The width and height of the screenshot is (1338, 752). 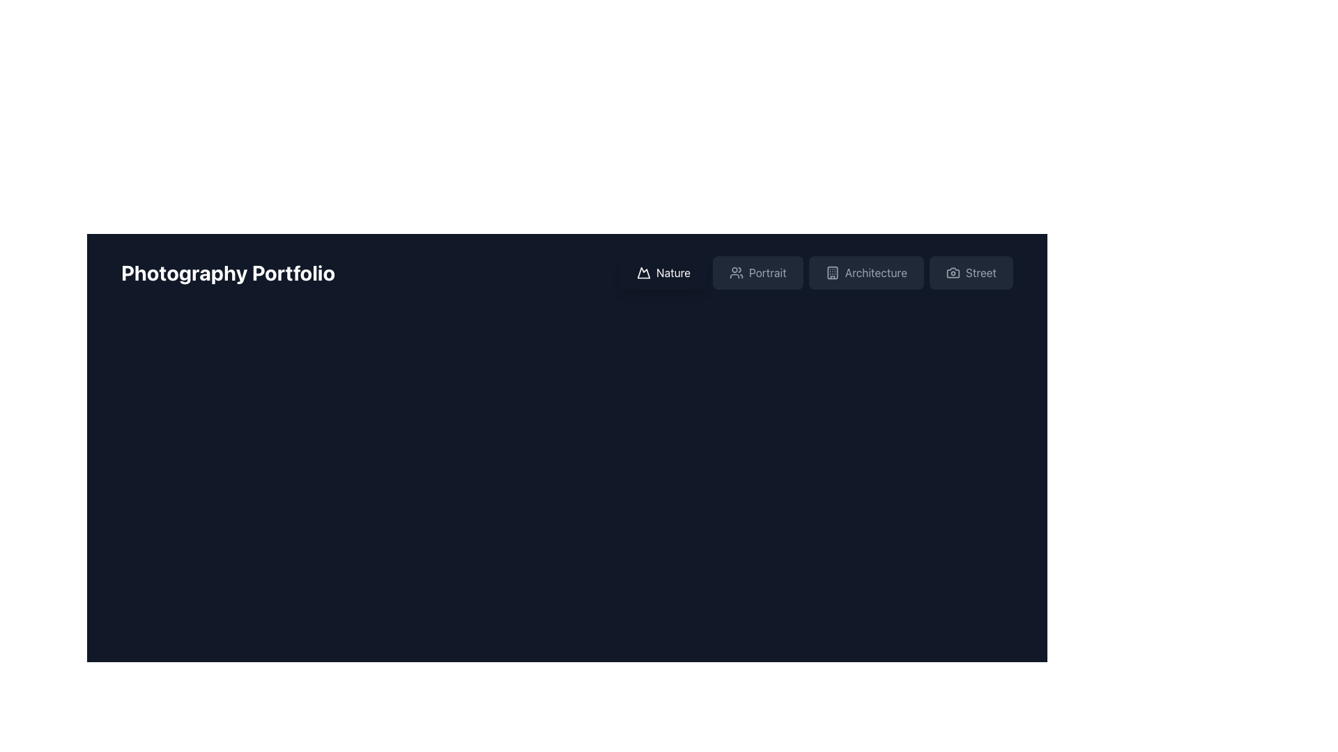 What do you see at coordinates (980, 273) in the screenshot?
I see `the 'Street' text label in the fourth column of the navigation bar` at bounding box center [980, 273].